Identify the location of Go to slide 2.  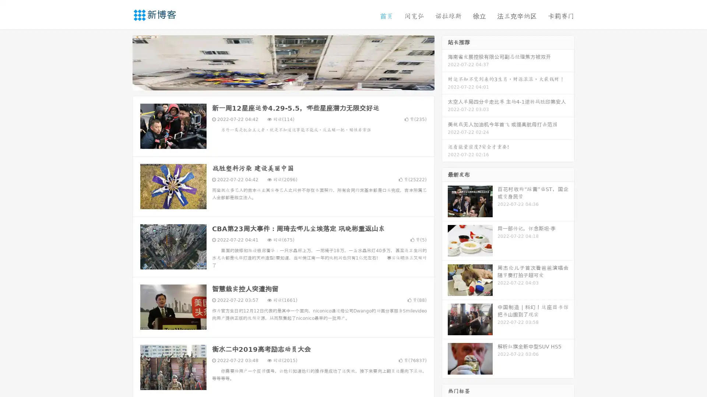
(283, 83).